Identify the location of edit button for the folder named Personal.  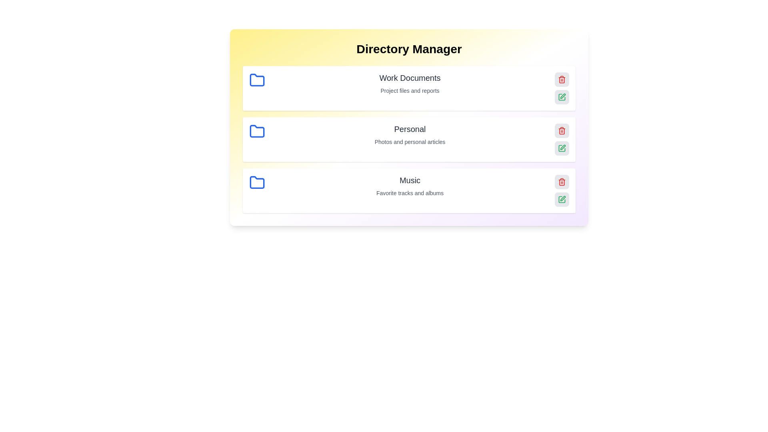
(562, 148).